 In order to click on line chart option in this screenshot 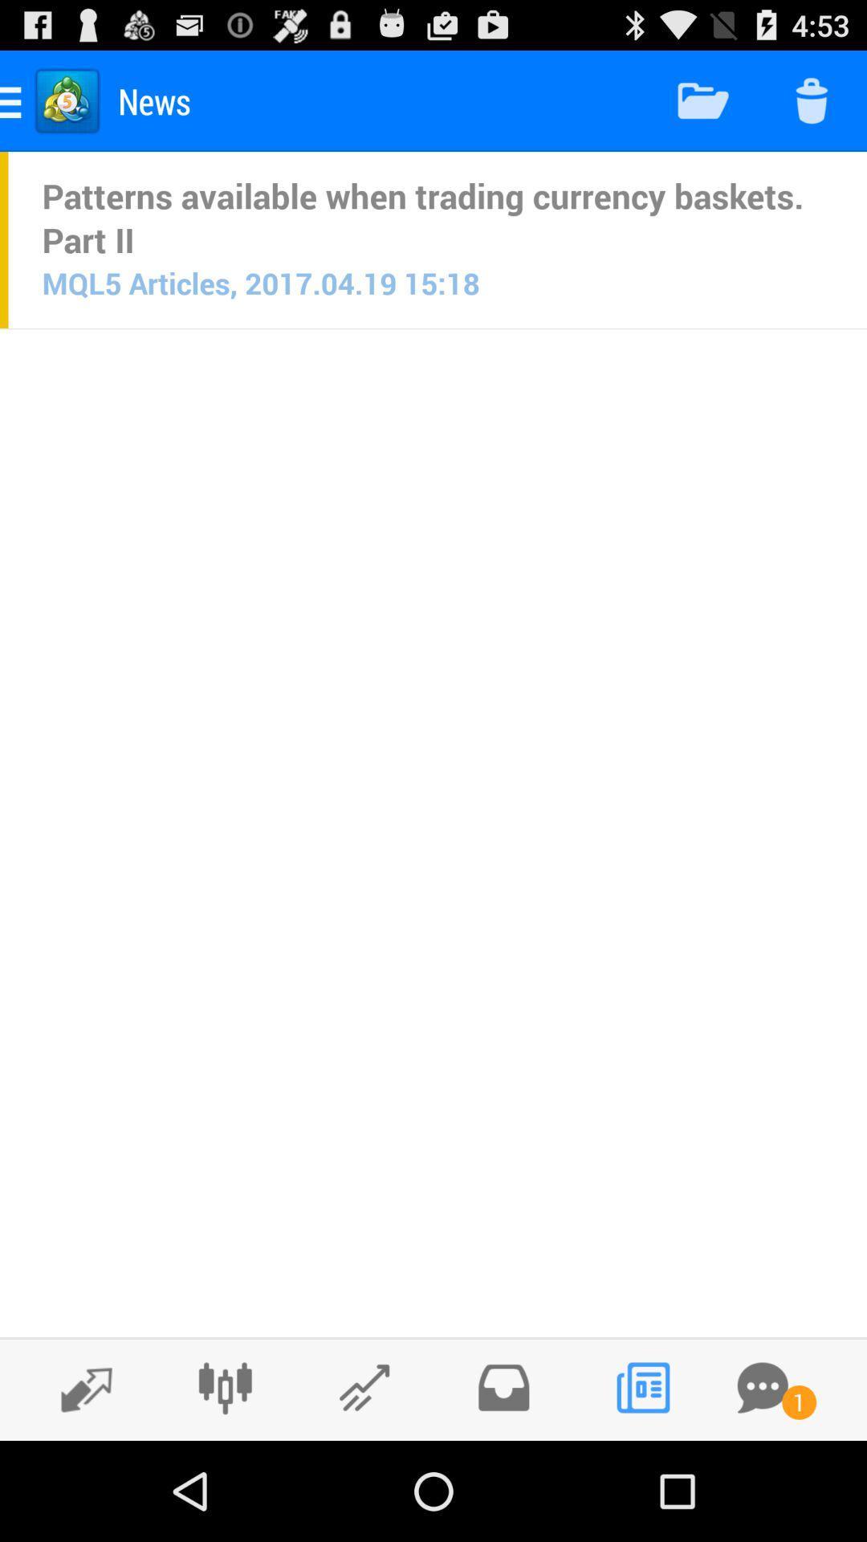, I will do `click(364, 1387)`.